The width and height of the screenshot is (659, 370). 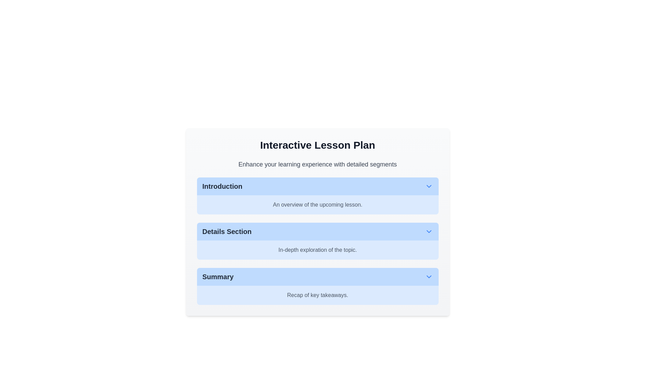 I want to click on the 'Introduction' bold text label located in the blue header of the first card section, positioned to the left of the downward-facing chevron icon, so click(x=222, y=186).